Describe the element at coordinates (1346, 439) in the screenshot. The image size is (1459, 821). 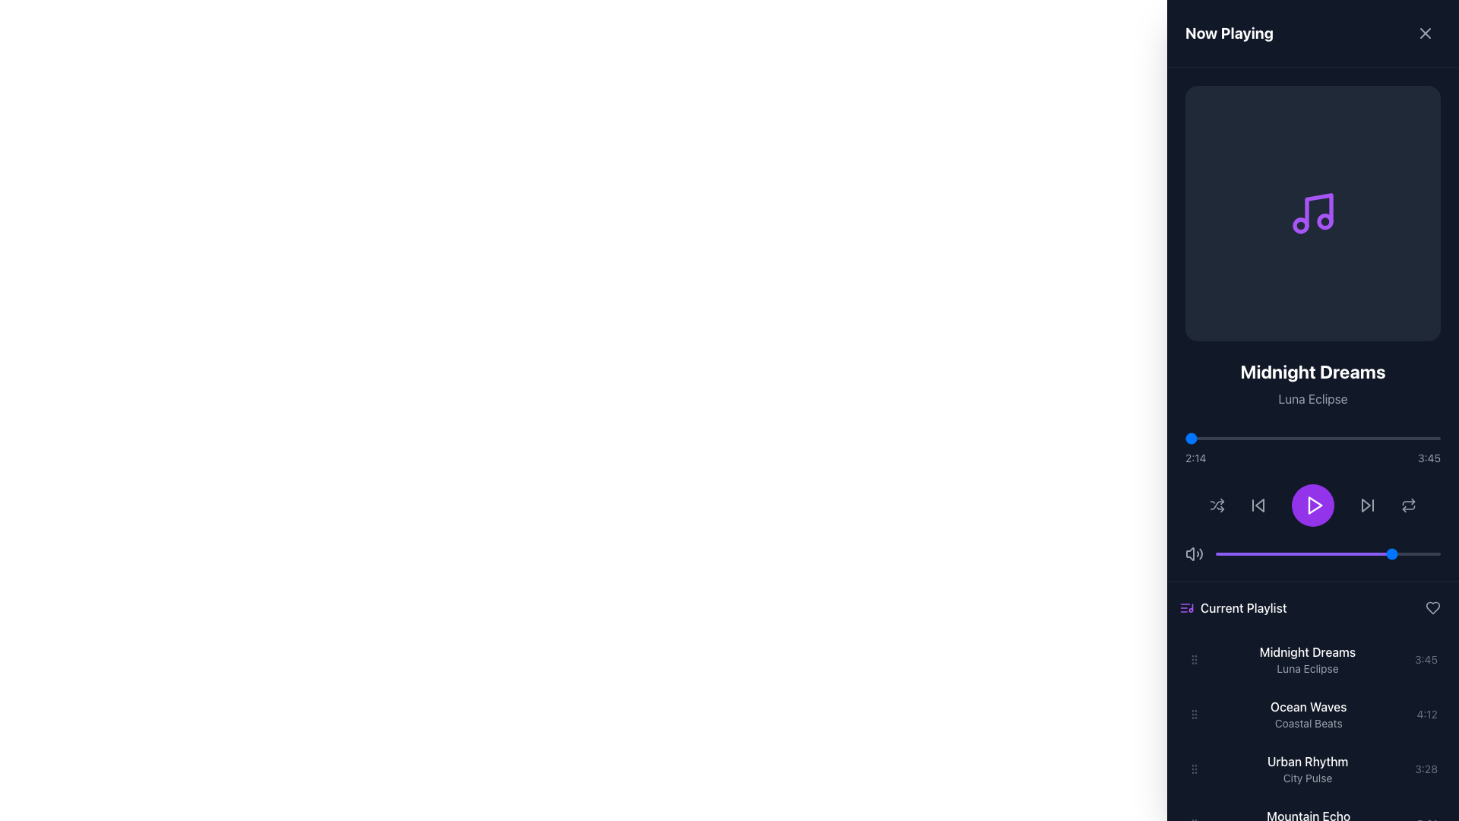
I see `the playback progress` at that location.